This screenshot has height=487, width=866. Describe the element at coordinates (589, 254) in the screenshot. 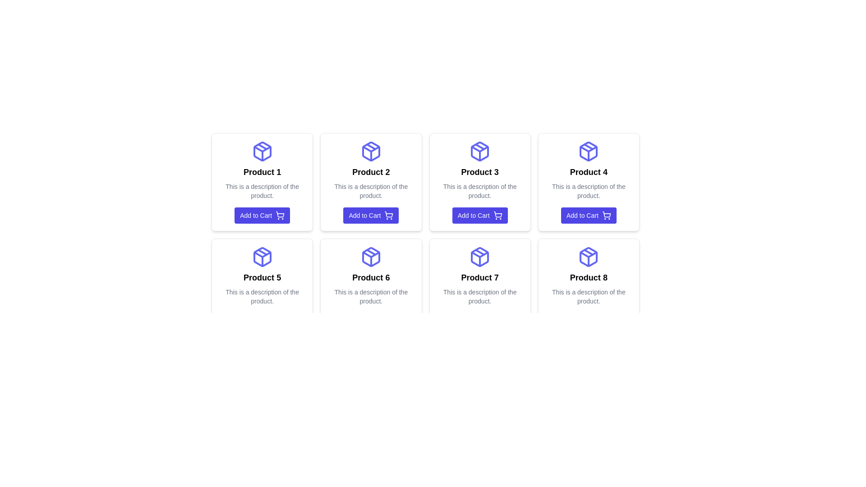

I see `the blue outlined arrow-like graphical icon located in the eighth product card layout` at that location.